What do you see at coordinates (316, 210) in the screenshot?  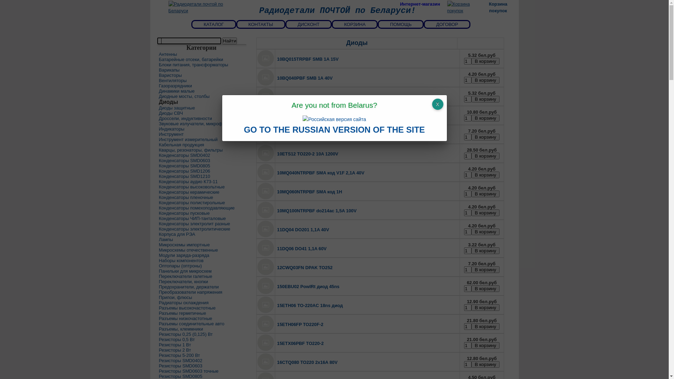 I see `'10MQ100NTRPBF do214ac 1,5A 100V'` at bounding box center [316, 210].